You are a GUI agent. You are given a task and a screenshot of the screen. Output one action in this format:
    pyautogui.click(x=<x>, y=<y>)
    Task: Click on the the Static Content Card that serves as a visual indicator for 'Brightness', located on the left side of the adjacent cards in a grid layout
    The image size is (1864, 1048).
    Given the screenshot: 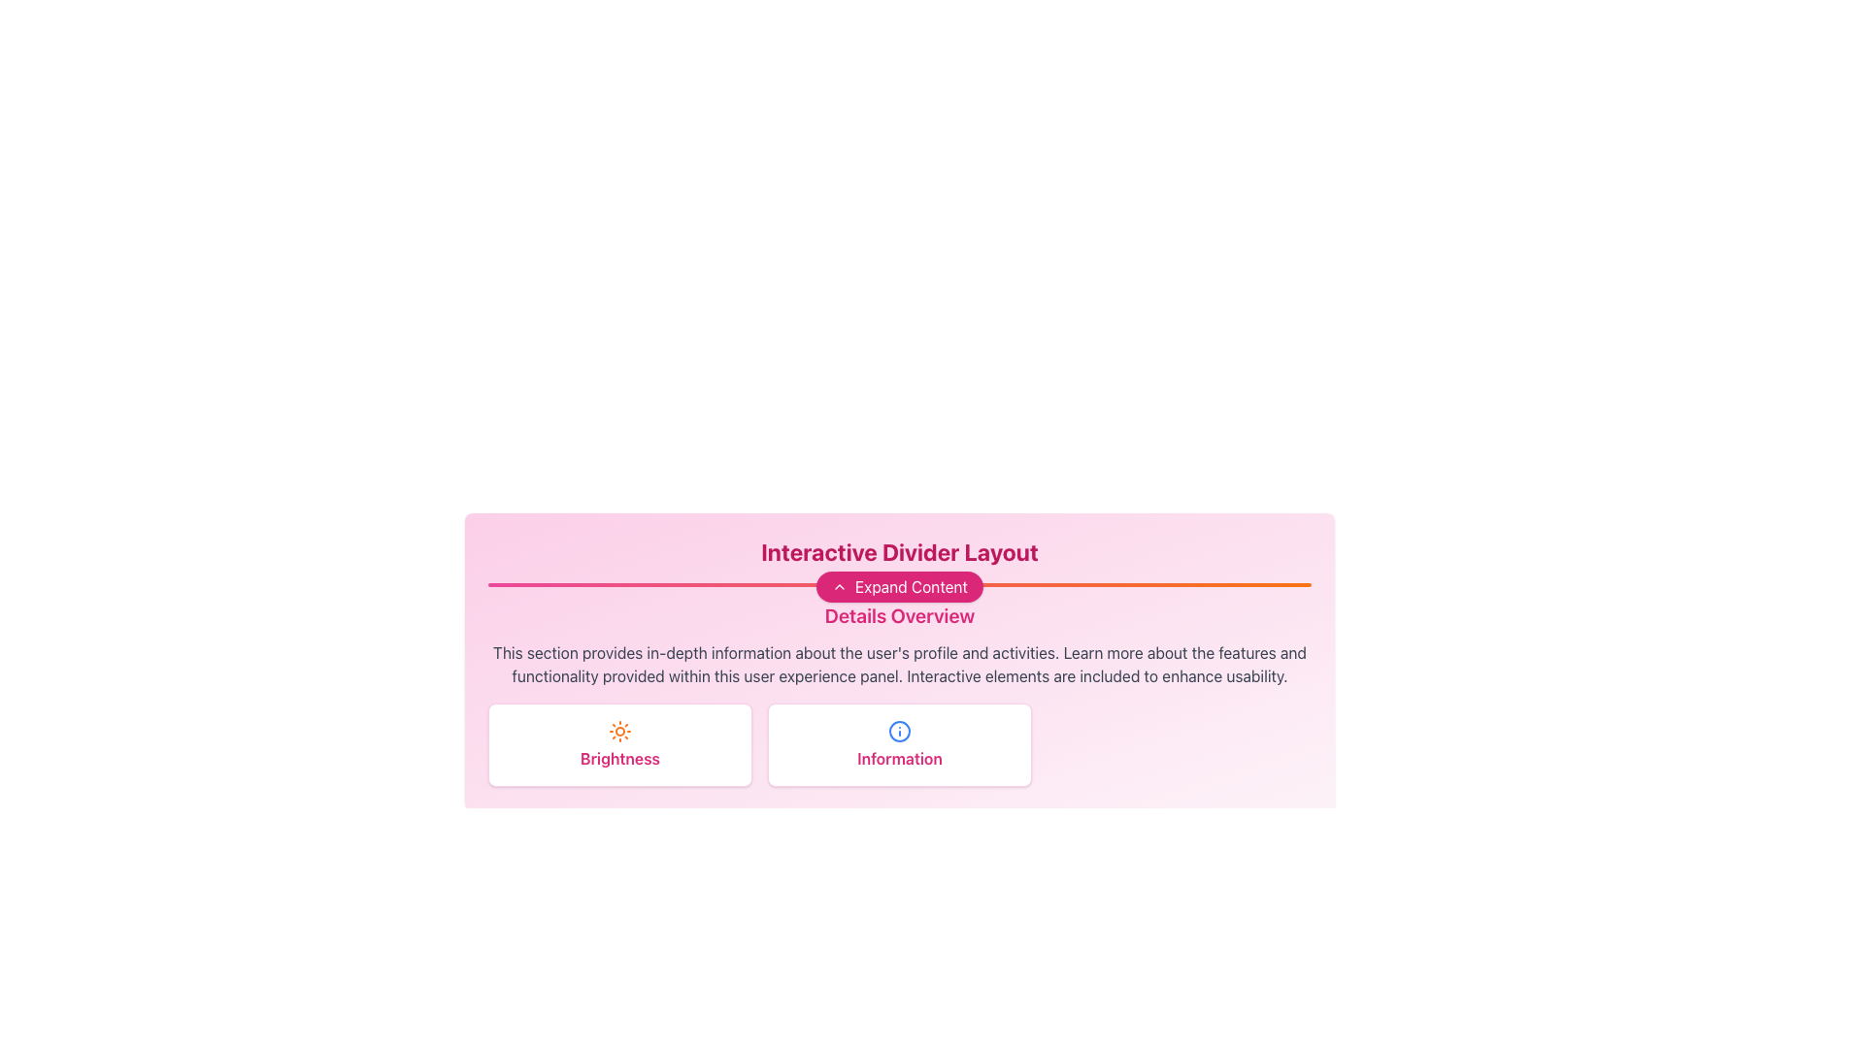 What is the action you would take?
    pyautogui.click(x=618, y=743)
    